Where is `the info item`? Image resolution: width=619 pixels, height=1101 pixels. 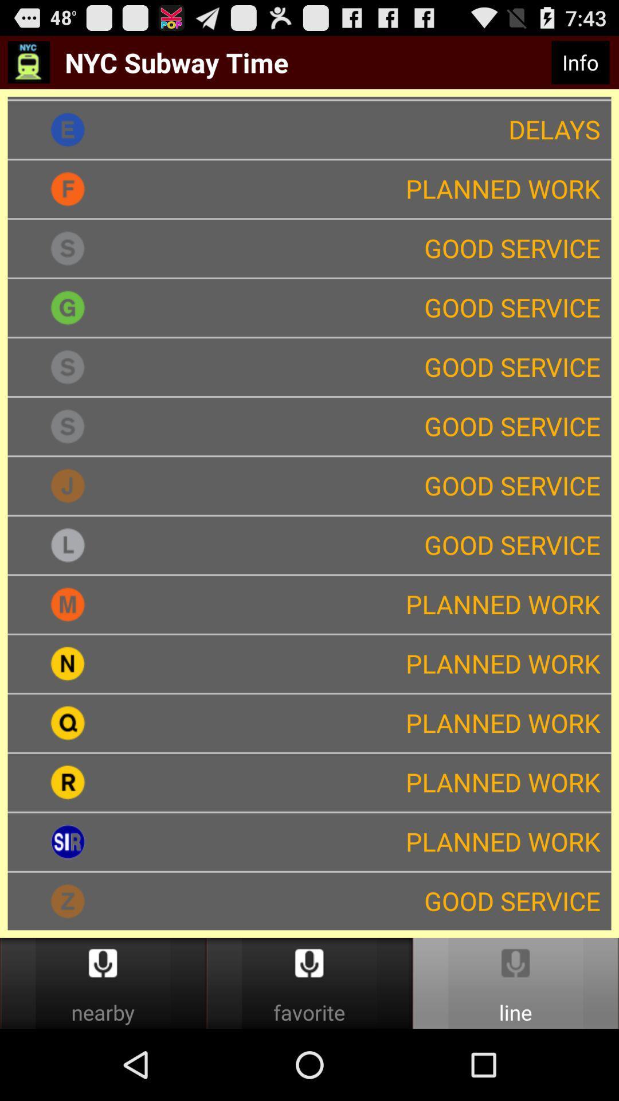 the info item is located at coordinates (580, 62).